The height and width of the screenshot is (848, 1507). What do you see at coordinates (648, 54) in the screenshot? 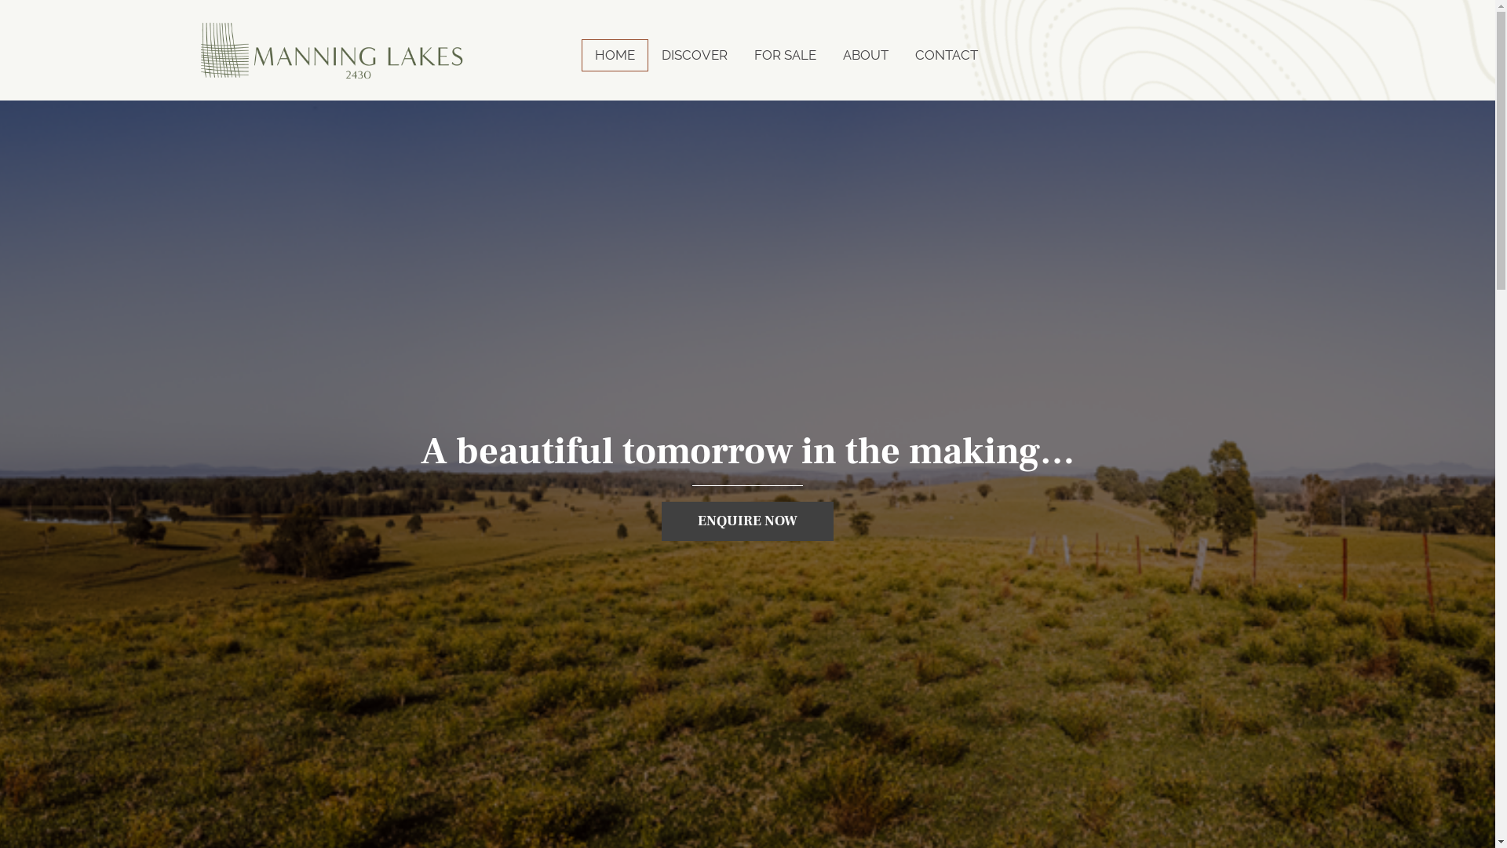
I see `'DISCOVER'` at bounding box center [648, 54].